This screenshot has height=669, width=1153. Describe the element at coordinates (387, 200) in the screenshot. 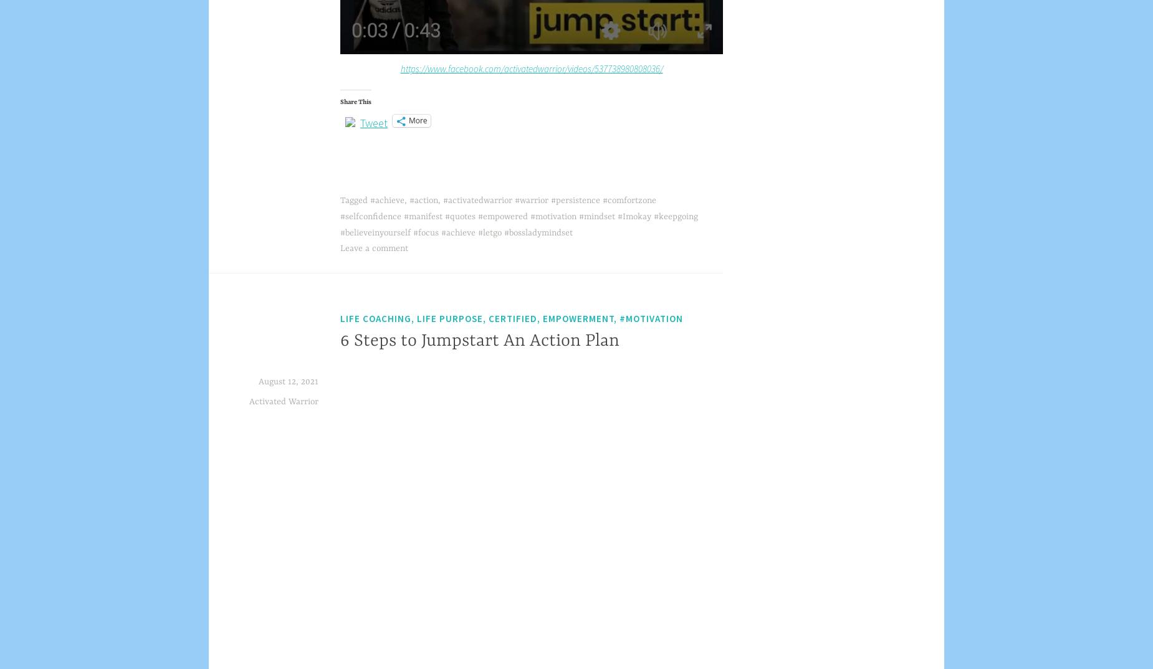

I see `'#achieve'` at that location.